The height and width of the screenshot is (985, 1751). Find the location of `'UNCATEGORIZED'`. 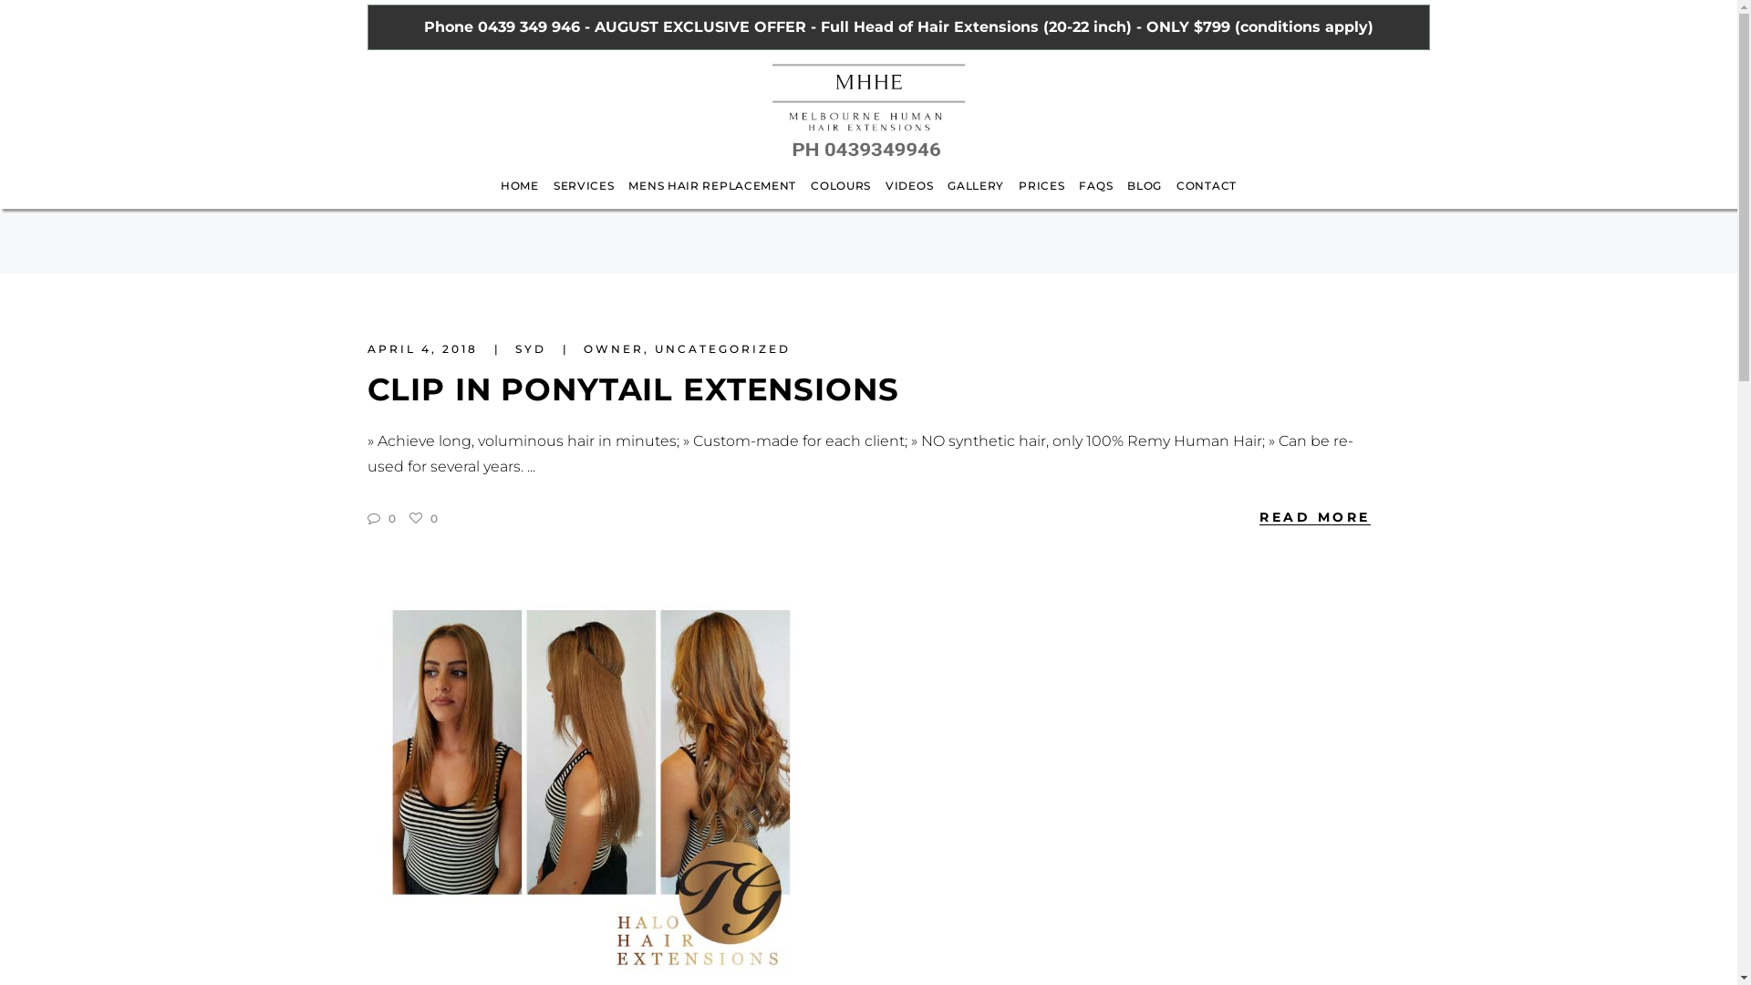

'UNCATEGORIZED' is located at coordinates (721, 348).